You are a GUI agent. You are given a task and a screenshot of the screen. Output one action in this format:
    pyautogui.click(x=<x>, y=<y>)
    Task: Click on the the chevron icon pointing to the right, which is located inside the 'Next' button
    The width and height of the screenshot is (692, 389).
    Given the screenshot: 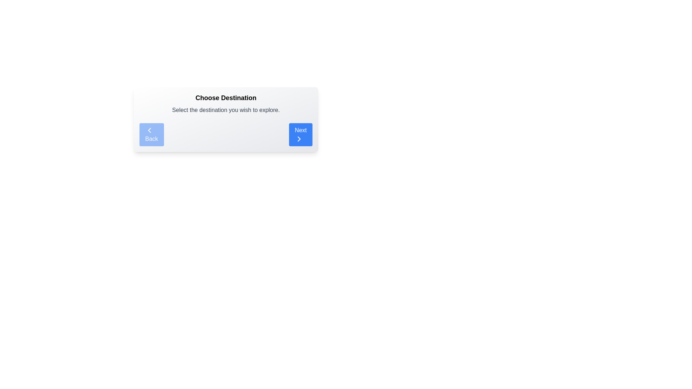 What is the action you would take?
    pyautogui.click(x=299, y=139)
    